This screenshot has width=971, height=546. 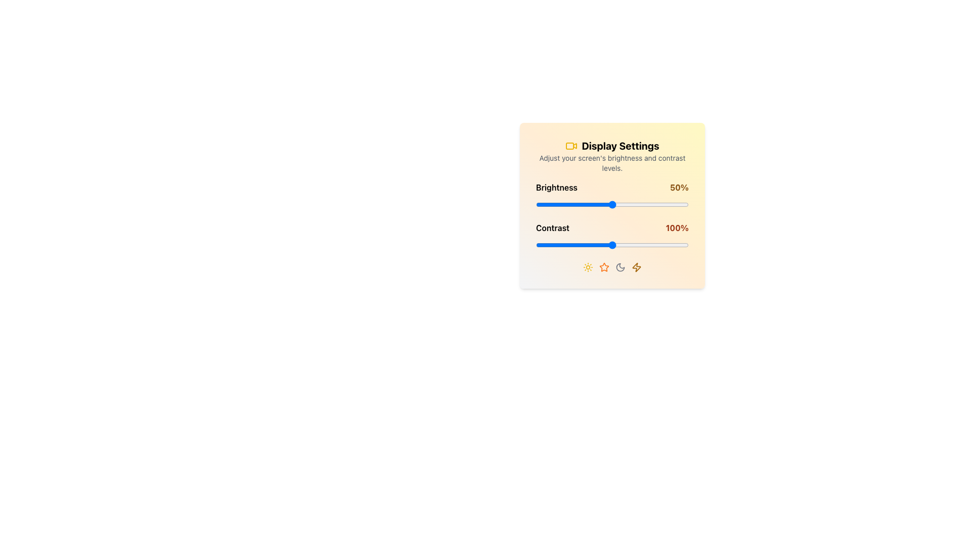 What do you see at coordinates (636, 266) in the screenshot?
I see `the lightning bolt icon located at the rightmost end of the row of five icons in the 'Display Settings' card` at bounding box center [636, 266].